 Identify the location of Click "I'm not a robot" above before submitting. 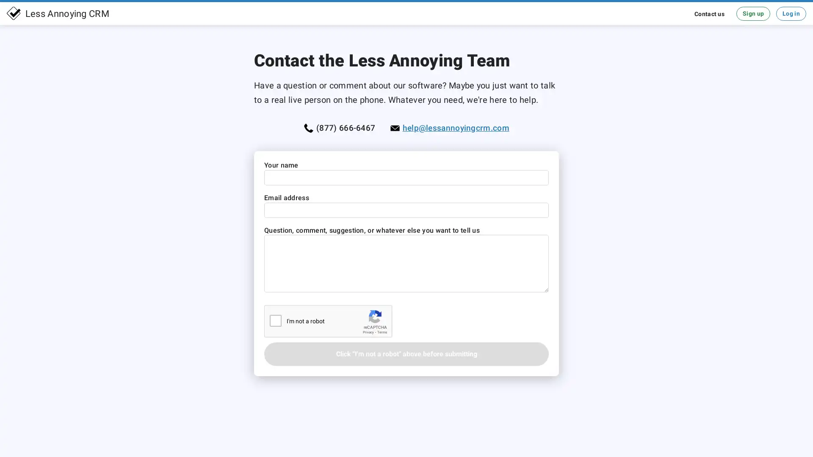
(406, 354).